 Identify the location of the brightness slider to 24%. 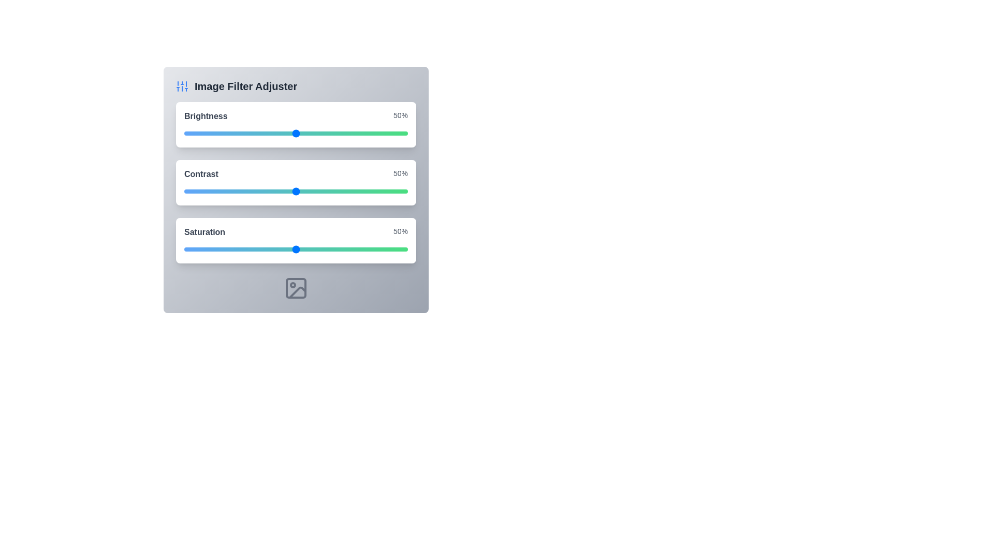
(237, 133).